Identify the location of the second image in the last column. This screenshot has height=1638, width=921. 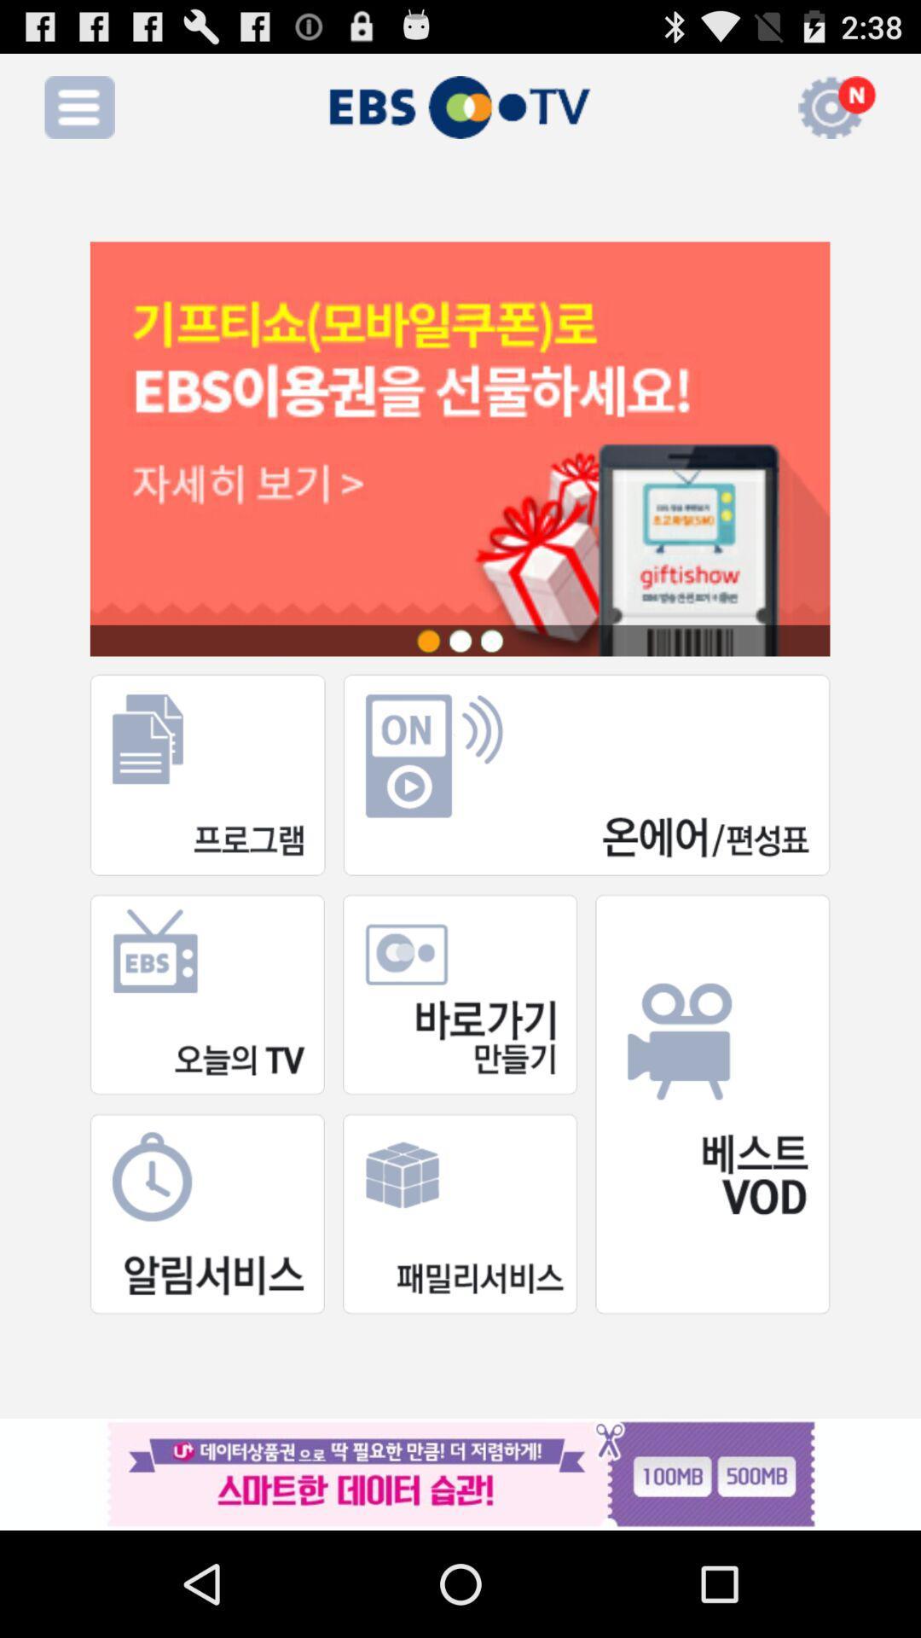
(459, 1212).